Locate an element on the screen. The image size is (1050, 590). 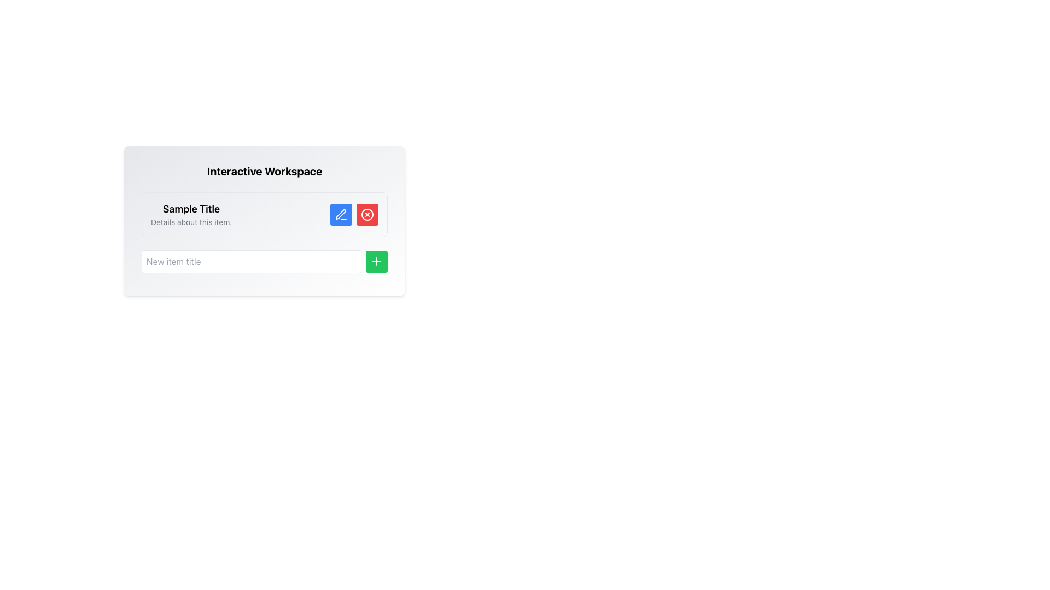
the editing button, which is a white pen icon on a blue background, located to the right of 'Sample Title' is located at coordinates (341, 215).